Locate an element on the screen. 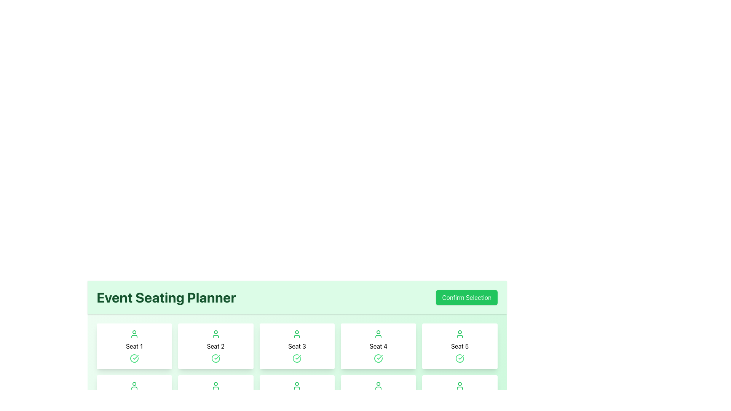  the confirmation indicator icon for 'Seat 3', which is centrally located within the card representing this seat is located at coordinates (297, 358).